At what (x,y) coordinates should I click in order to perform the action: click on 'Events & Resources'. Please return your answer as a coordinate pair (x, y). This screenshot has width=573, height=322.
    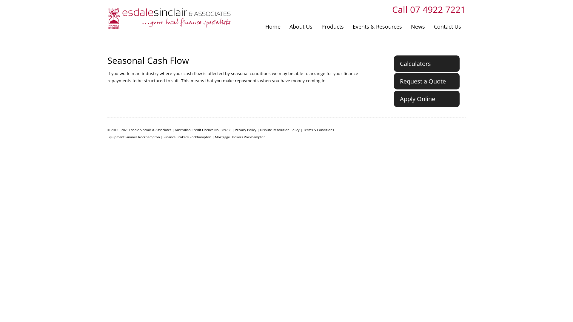
    Looking at the image, I should click on (377, 26).